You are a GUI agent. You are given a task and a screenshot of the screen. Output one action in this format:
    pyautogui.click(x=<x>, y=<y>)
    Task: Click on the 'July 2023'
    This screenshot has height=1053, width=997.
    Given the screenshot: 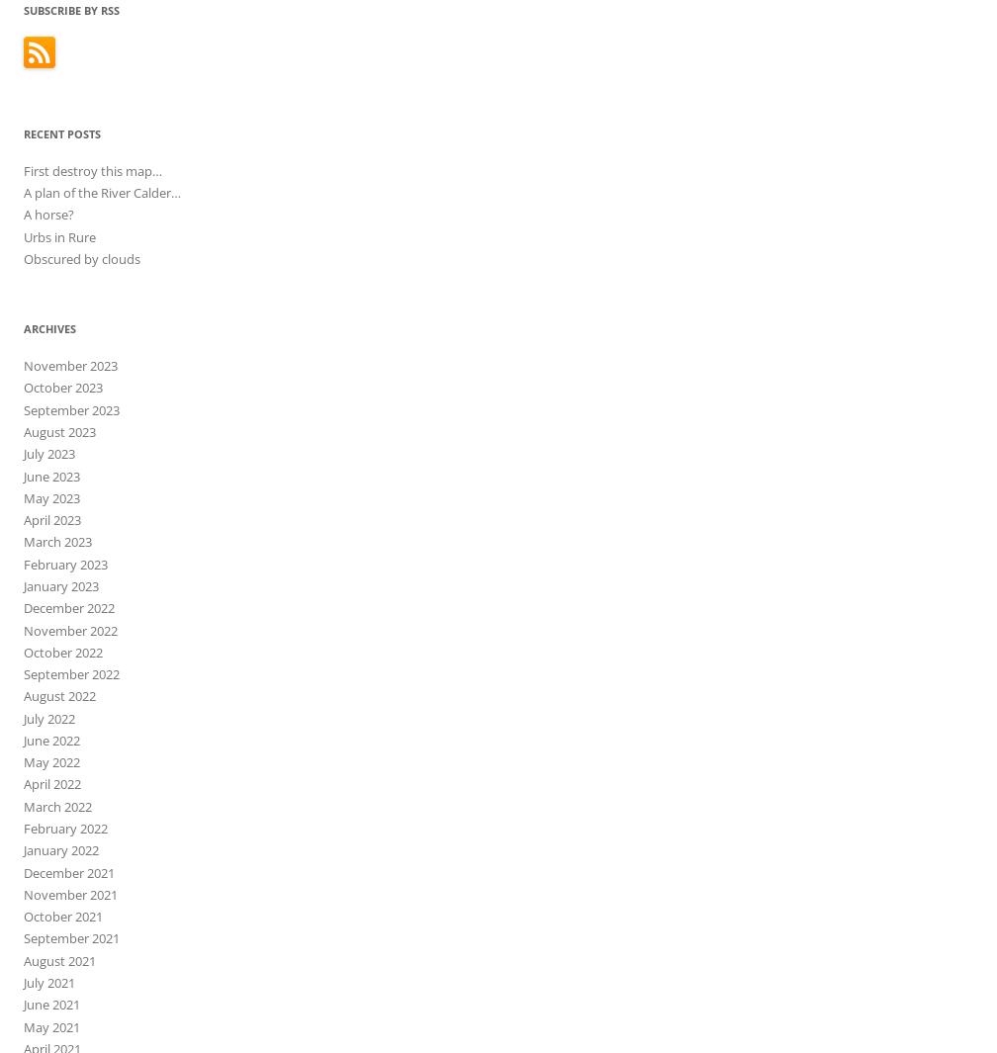 What is the action you would take?
    pyautogui.click(x=48, y=453)
    